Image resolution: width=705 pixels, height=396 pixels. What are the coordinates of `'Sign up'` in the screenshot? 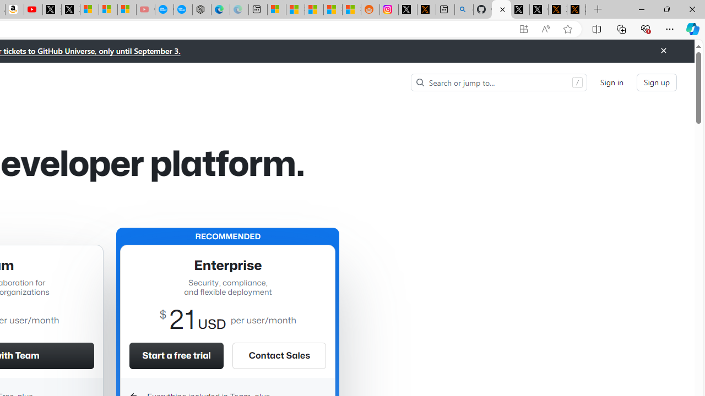 It's located at (657, 81).